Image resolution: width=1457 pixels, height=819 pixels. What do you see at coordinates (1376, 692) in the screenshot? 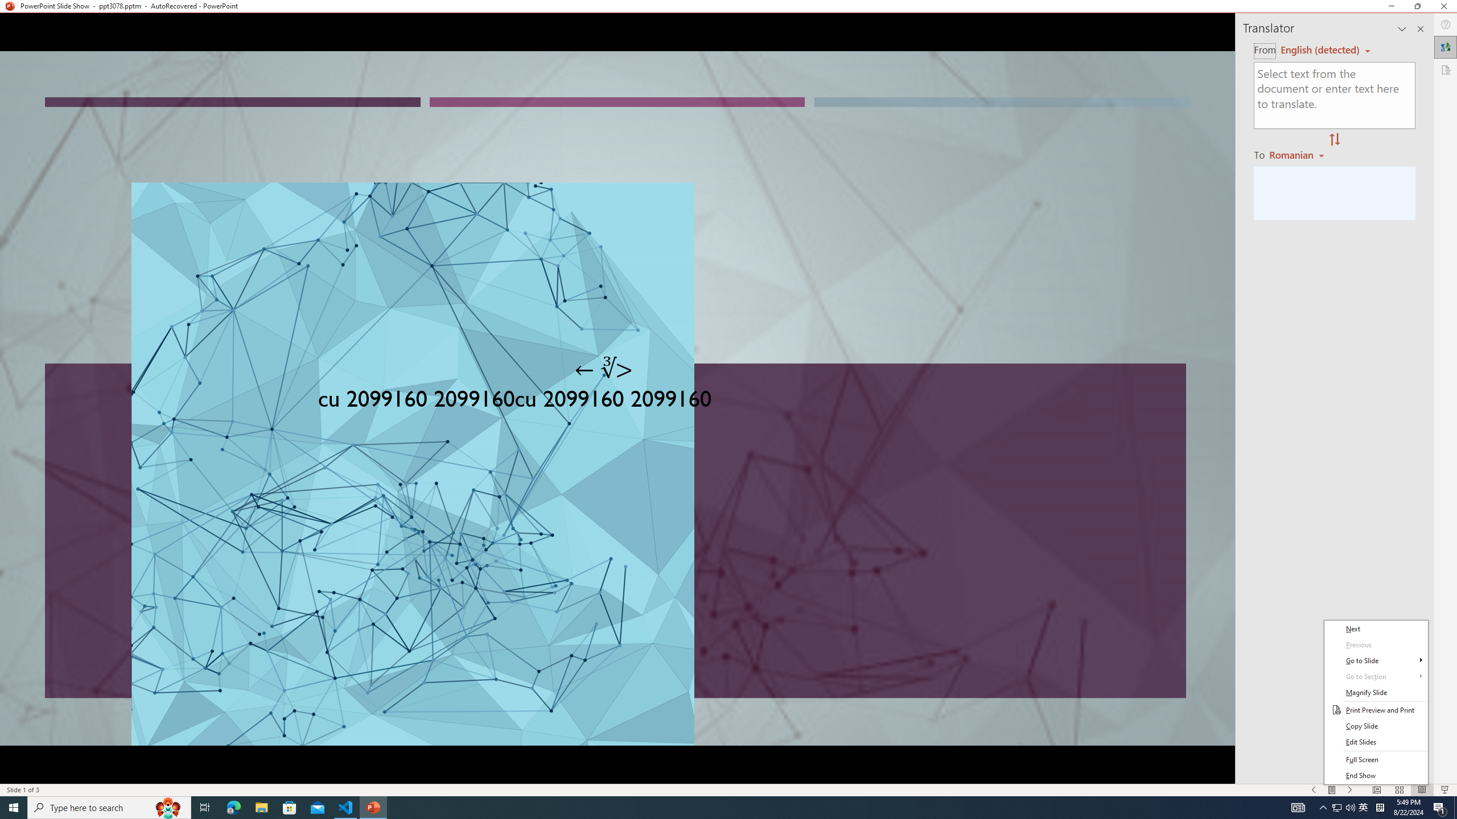
I see `'Magnify Slide'` at bounding box center [1376, 692].